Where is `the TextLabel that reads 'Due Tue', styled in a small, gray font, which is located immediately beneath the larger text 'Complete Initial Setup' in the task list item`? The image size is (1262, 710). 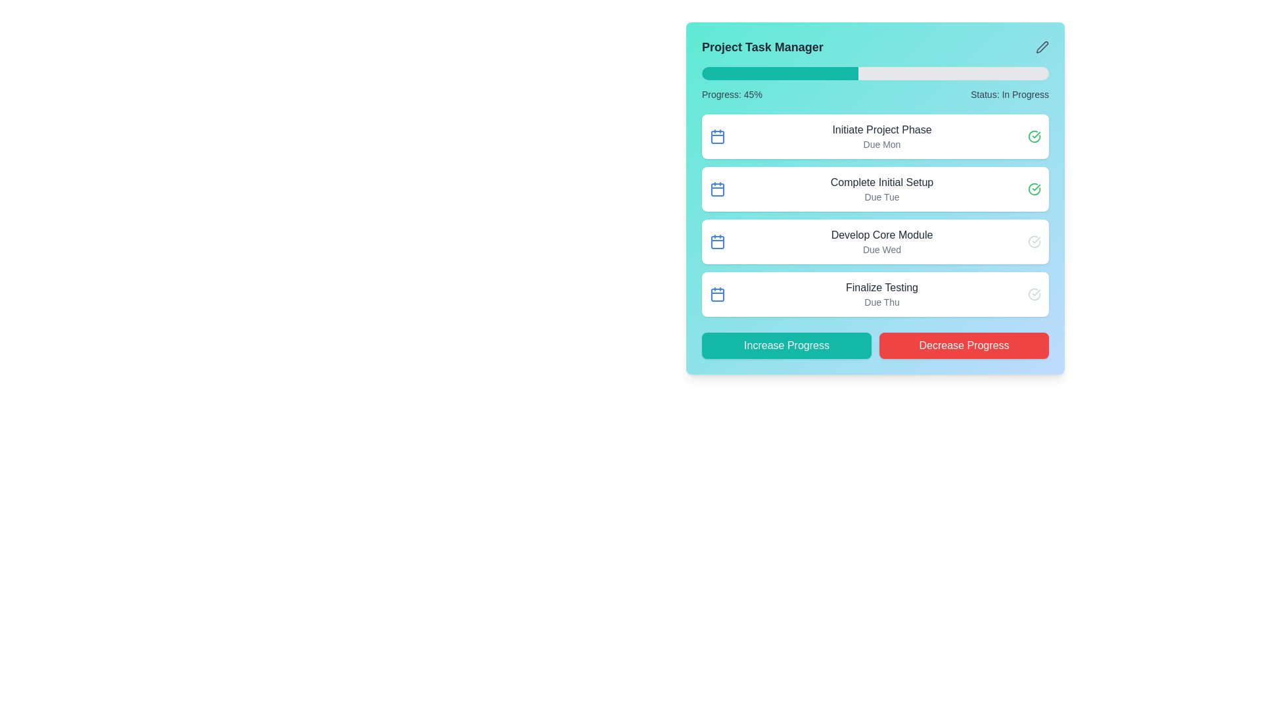 the TextLabel that reads 'Due Tue', styled in a small, gray font, which is located immediately beneath the larger text 'Complete Initial Setup' in the task list item is located at coordinates (882, 197).